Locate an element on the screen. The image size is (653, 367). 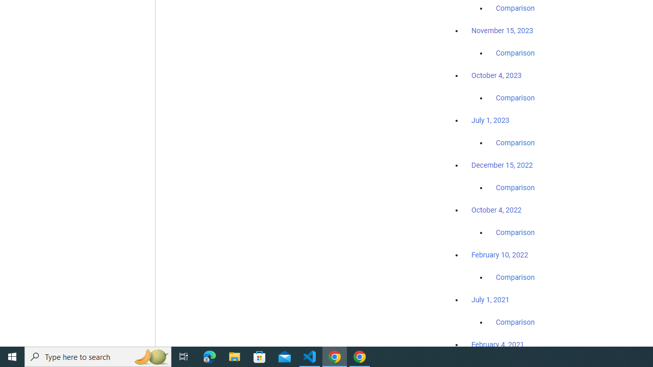
'February 4, 2021' is located at coordinates (498, 344).